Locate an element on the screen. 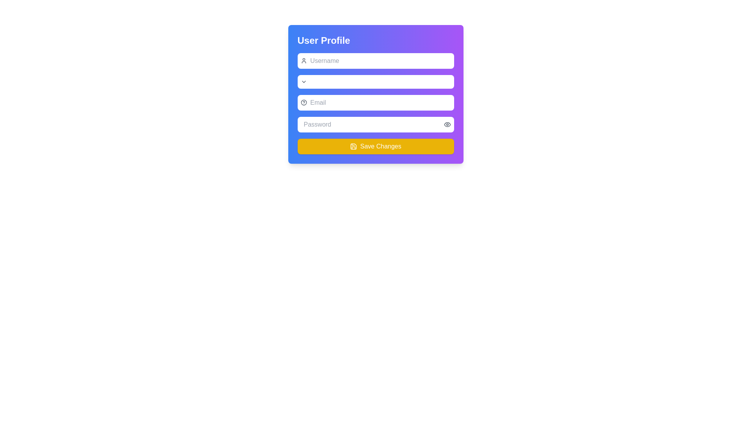 Image resolution: width=751 pixels, height=422 pixels. the visibility toggle button located to the right of the password input field is located at coordinates (447, 124).